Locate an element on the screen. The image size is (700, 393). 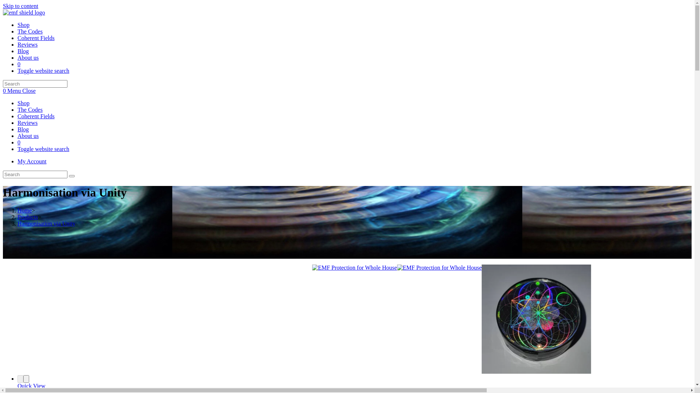
'Reviews' is located at coordinates (27, 122).